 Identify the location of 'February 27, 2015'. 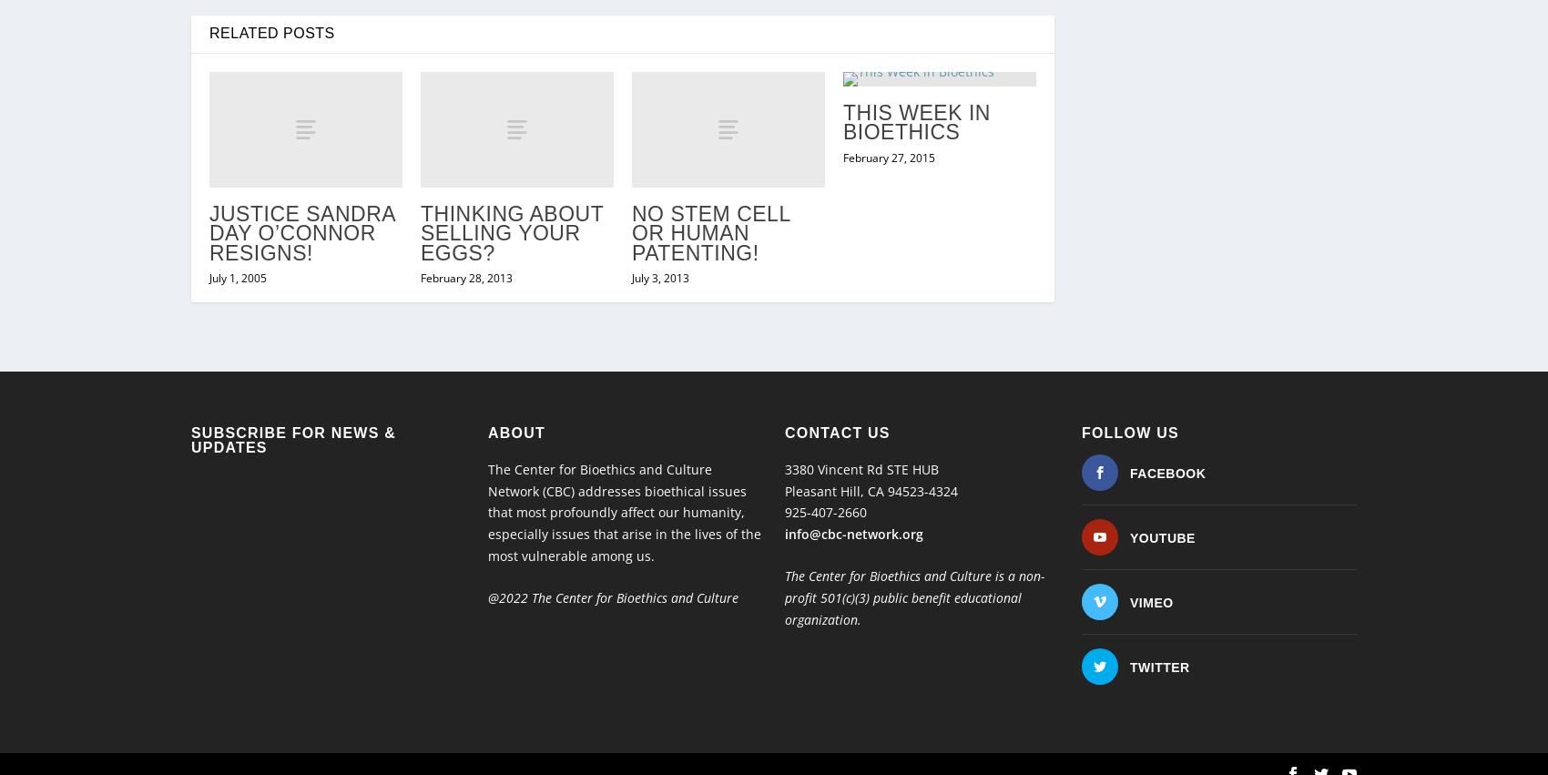
(888, 118).